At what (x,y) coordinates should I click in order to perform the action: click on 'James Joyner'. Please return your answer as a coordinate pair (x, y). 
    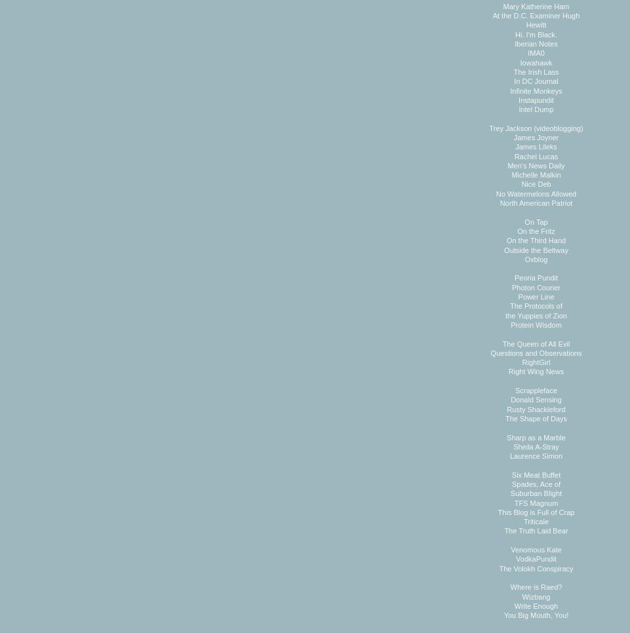
    Looking at the image, I should click on (536, 137).